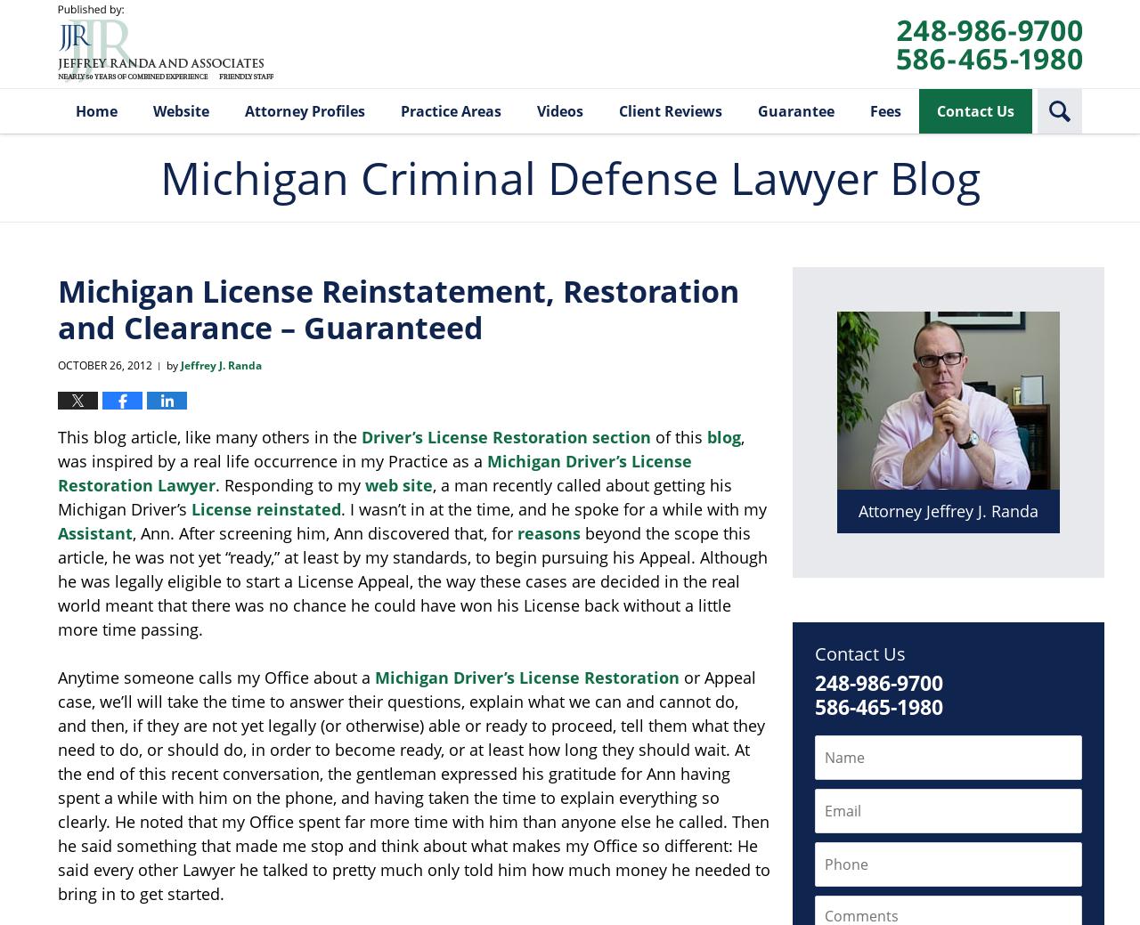 The width and height of the screenshot is (1140, 925). What do you see at coordinates (526, 676) in the screenshot?
I see `'Michigan Driver’s License Restoration'` at bounding box center [526, 676].